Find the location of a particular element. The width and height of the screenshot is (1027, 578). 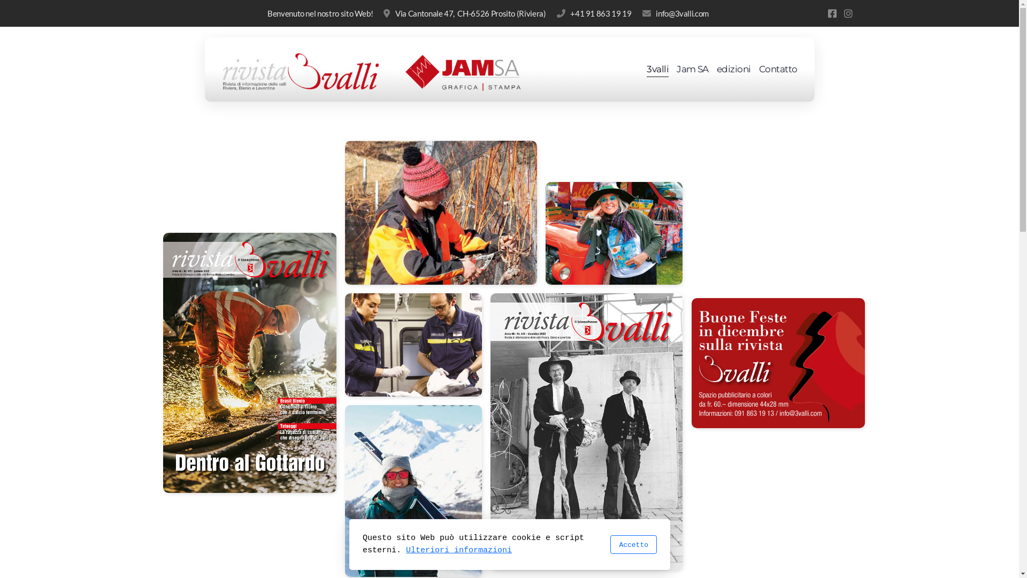

'Accetto' is located at coordinates (633, 544).